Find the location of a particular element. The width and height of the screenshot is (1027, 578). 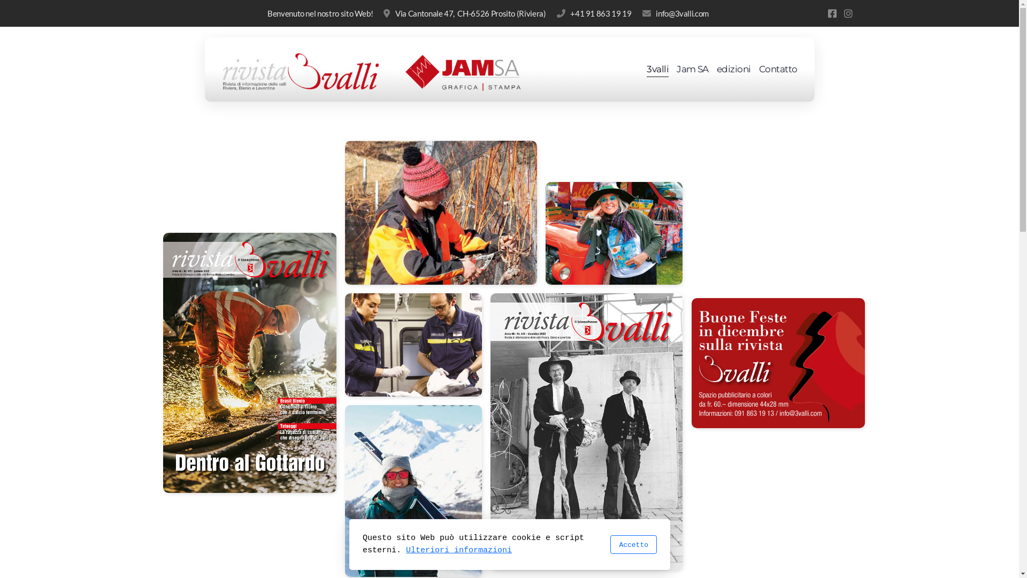

'Accetto' is located at coordinates (633, 544).